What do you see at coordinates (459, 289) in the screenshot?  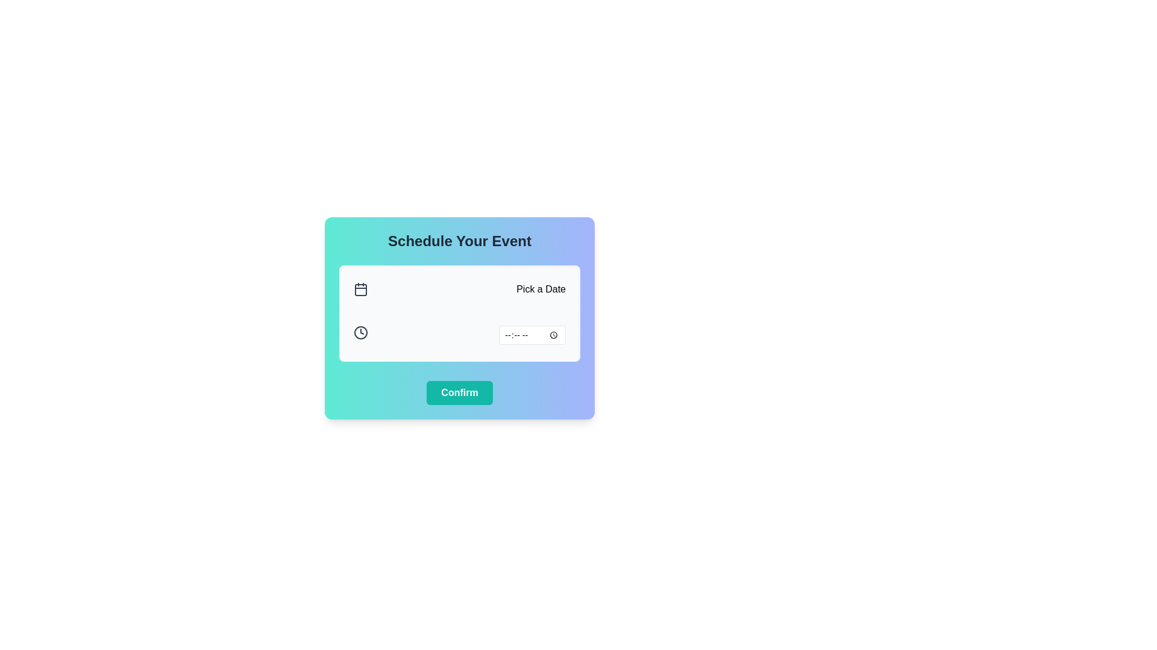 I see `the 'Pick a Date' interactive label with icon for keyboard navigation` at bounding box center [459, 289].